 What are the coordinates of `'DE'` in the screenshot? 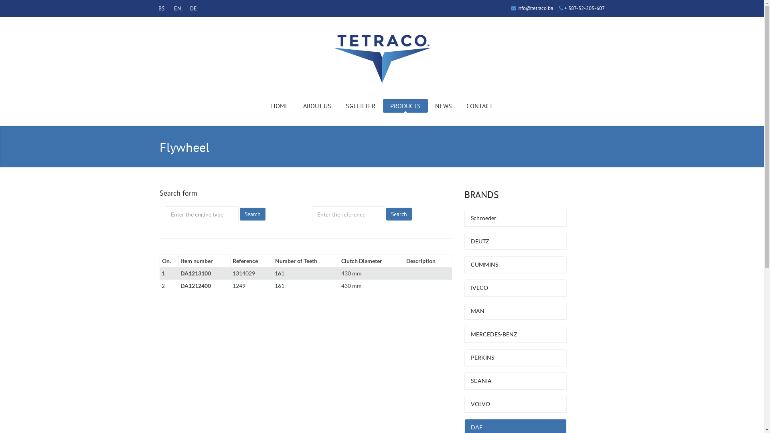 It's located at (193, 8).